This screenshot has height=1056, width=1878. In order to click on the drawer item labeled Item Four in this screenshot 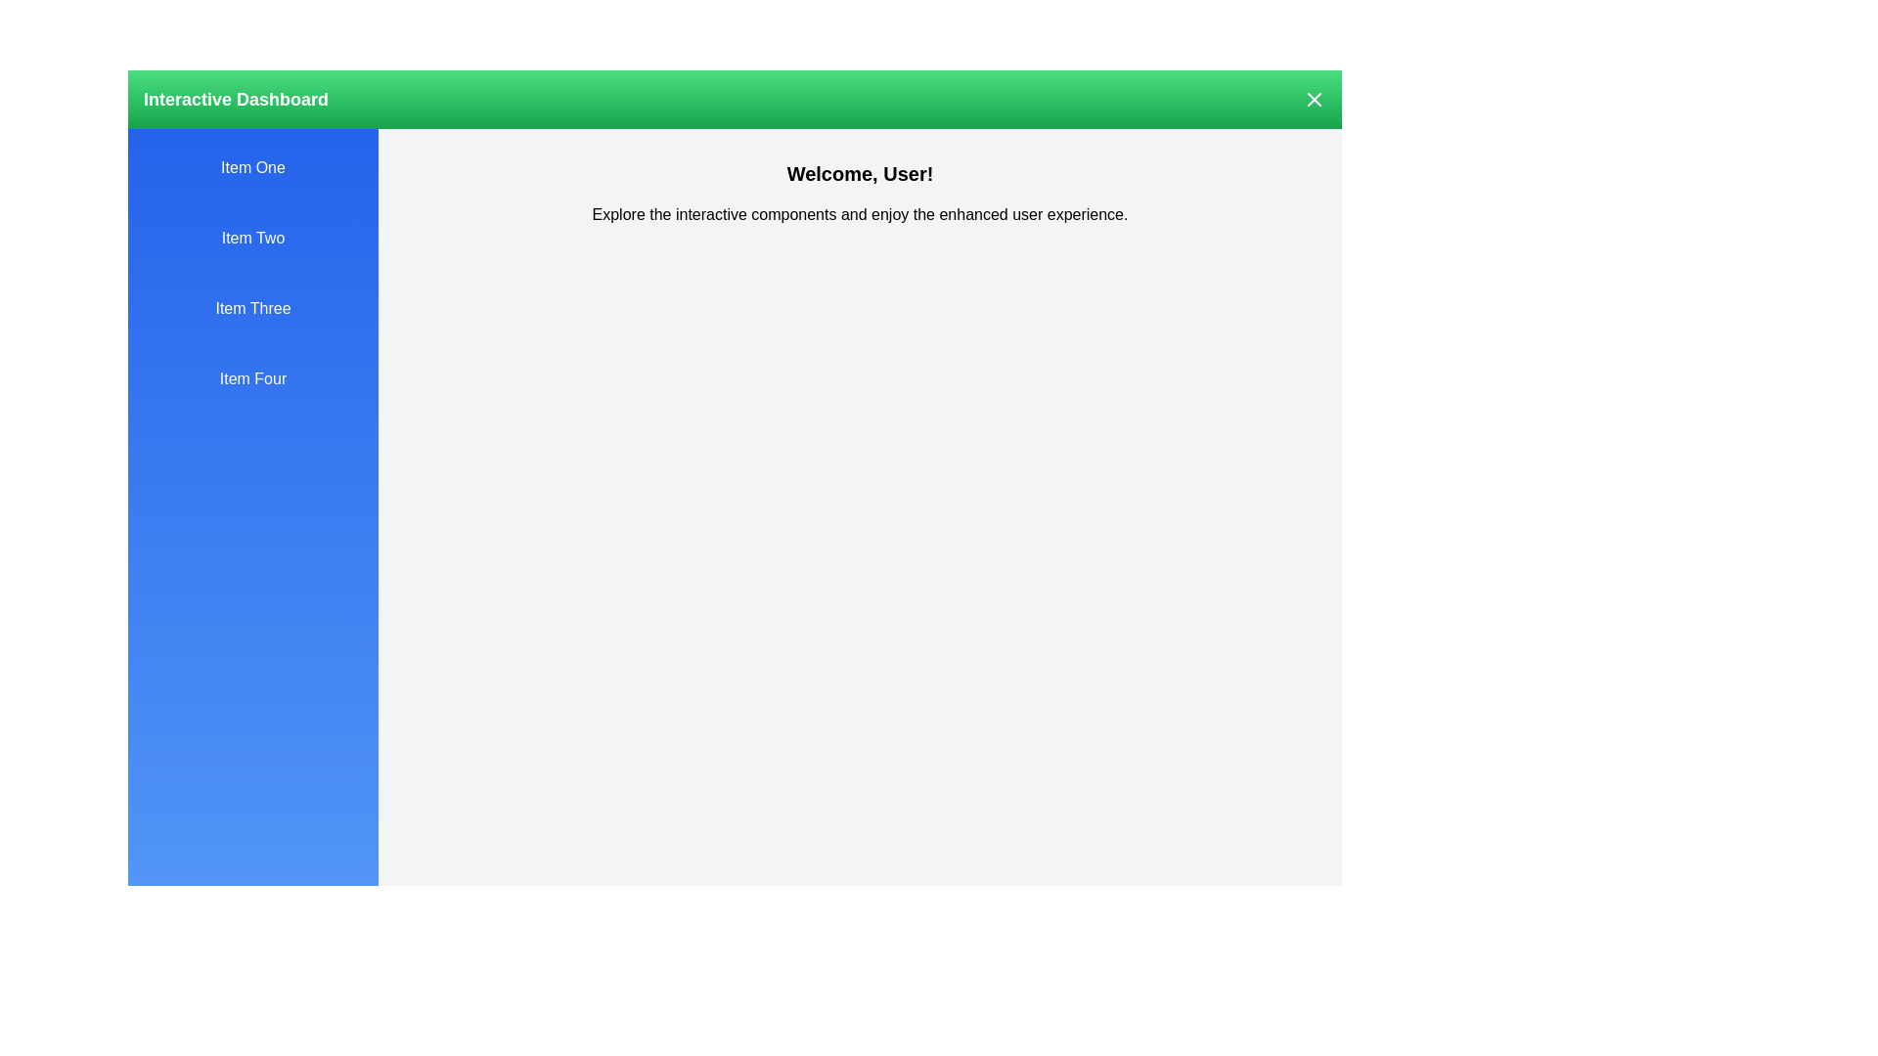, I will do `click(252, 379)`.